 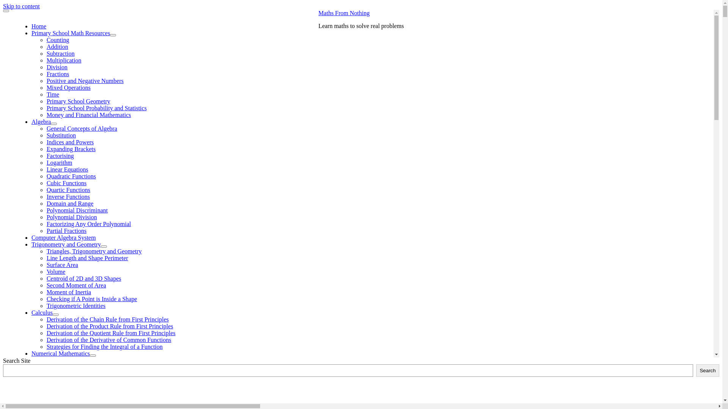 What do you see at coordinates (82, 128) in the screenshot?
I see `'General Concepts of Algebra'` at bounding box center [82, 128].